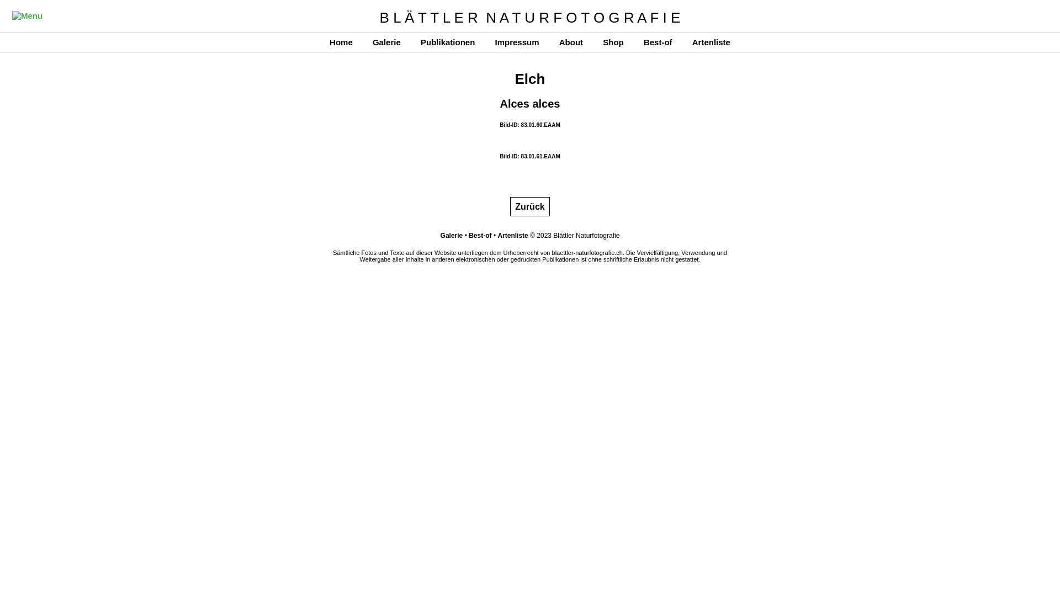  What do you see at coordinates (452, 235) in the screenshot?
I see `'Galerie'` at bounding box center [452, 235].